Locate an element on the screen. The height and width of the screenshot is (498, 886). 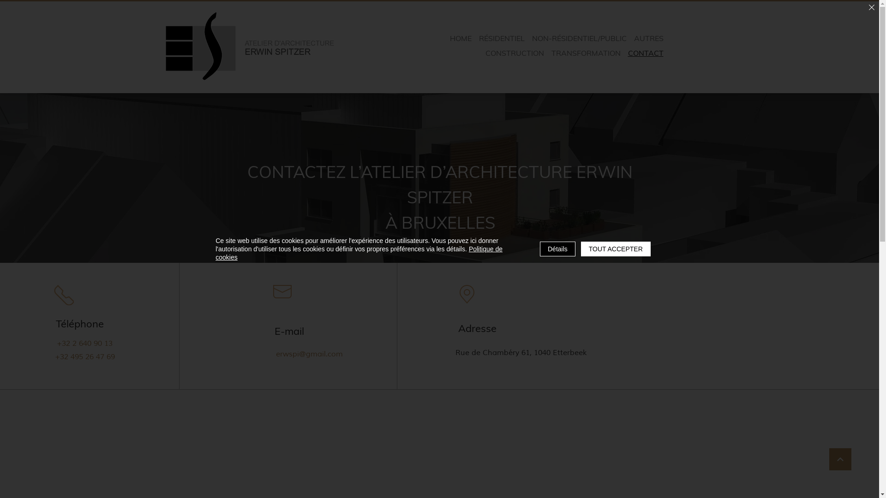
'TOUT ACCEPTER' is located at coordinates (616, 249).